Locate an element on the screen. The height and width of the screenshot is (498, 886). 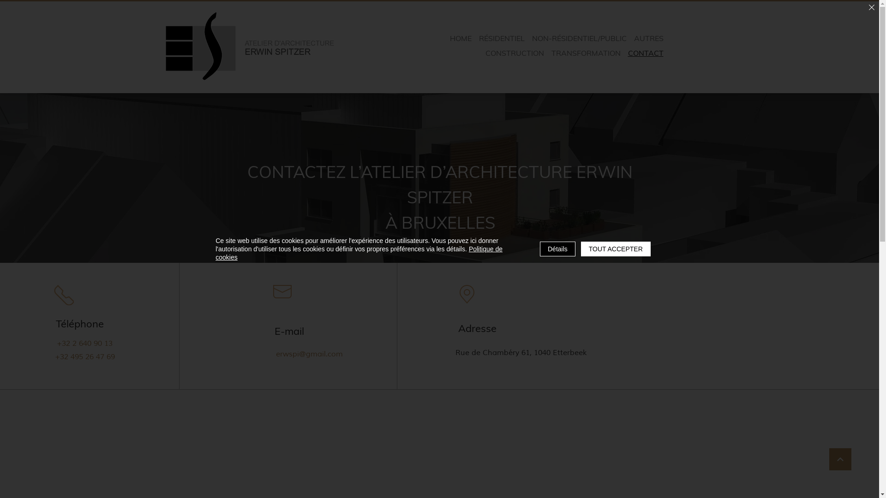
'TOUT ACCEPTER' is located at coordinates (616, 249).